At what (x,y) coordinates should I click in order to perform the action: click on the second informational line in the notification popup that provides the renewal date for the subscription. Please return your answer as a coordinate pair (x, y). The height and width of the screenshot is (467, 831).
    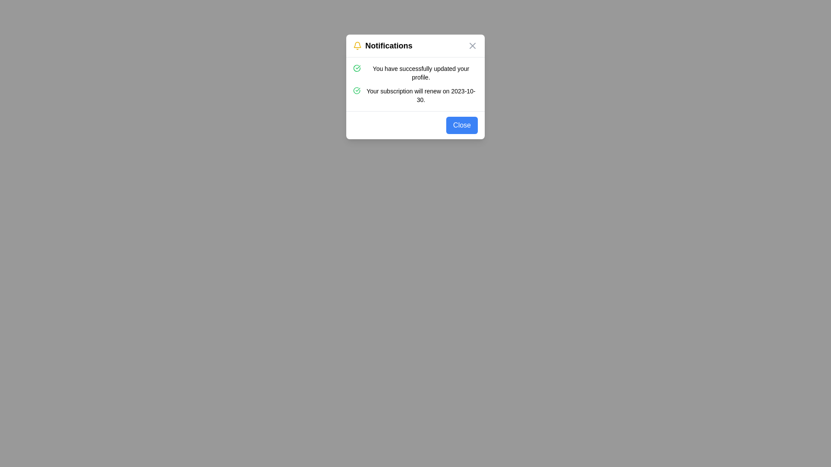
    Looking at the image, I should click on (415, 95).